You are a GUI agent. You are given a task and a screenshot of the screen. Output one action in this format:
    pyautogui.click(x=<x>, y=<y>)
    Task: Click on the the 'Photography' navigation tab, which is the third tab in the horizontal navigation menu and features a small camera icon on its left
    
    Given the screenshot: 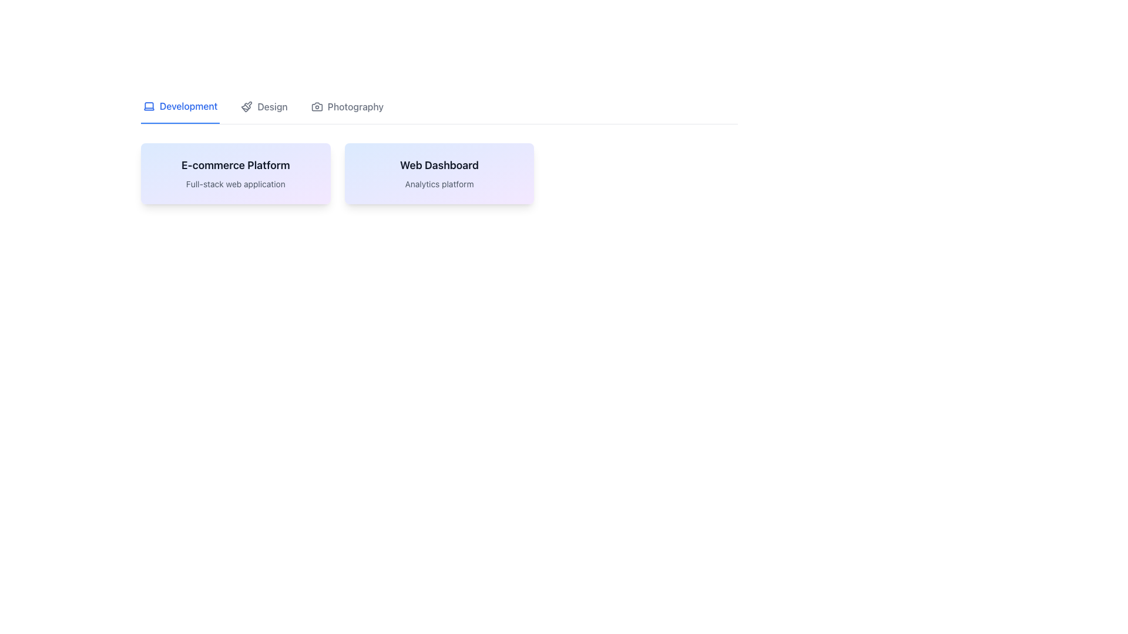 What is the action you would take?
    pyautogui.click(x=347, y=111)
    